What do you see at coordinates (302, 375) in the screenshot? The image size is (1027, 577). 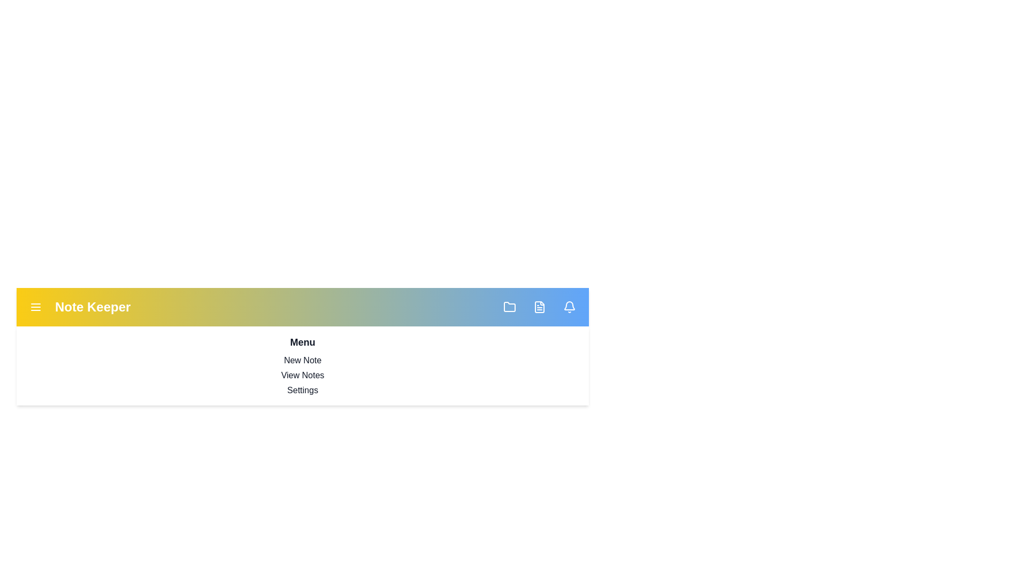 I see `the menu option View Notes from the dropdown menu` at bounding box center [302, 375].